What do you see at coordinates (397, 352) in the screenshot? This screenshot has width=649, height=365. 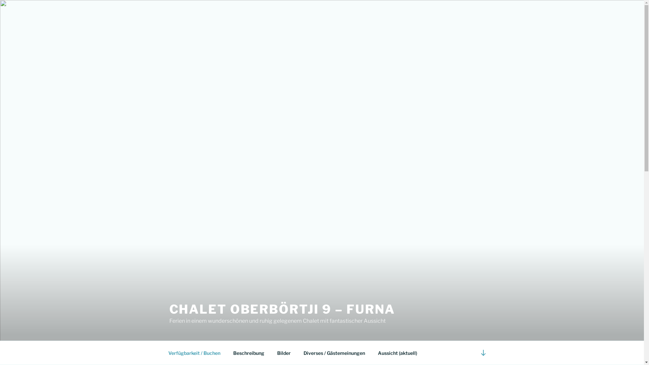 I see `'Aussicht (aktuell)'` at bounding box center [397, 352].